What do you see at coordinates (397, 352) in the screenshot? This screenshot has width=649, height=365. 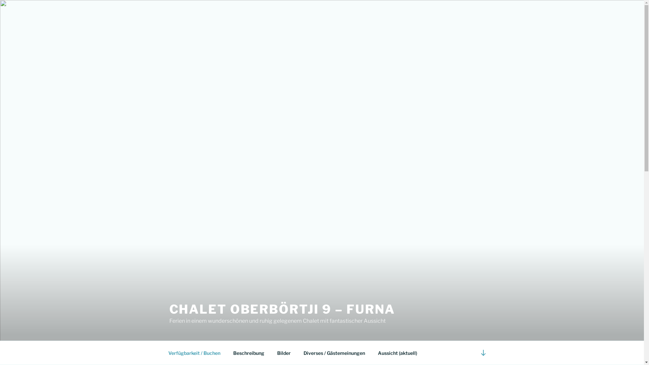 I see `'Aussicht (aktuell)'` at bounding box center [397, 352].